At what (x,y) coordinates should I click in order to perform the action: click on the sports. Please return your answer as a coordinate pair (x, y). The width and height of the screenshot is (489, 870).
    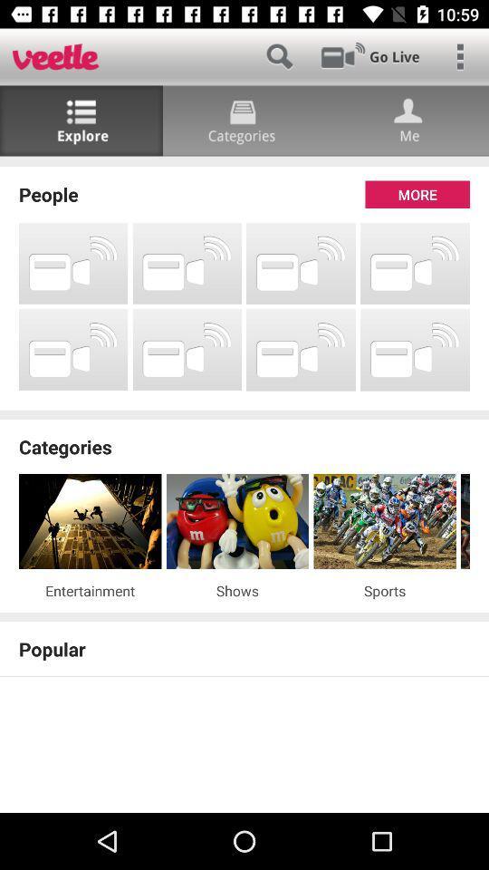
    Looking at the image, I should click on (384, 589).